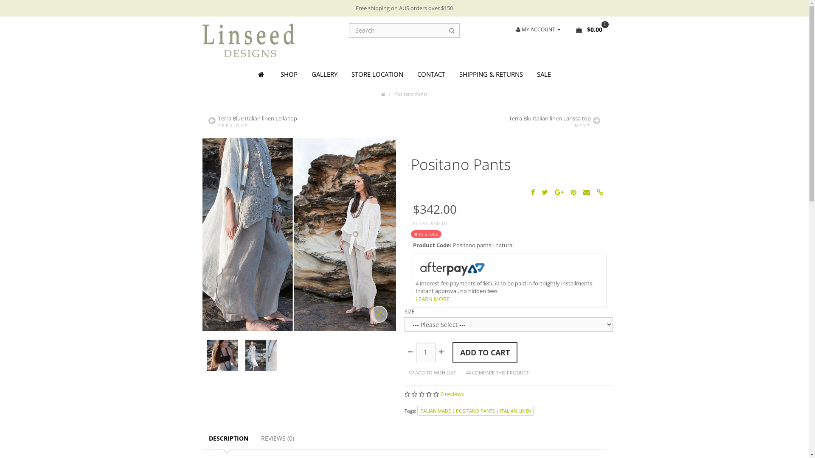  What do you see at coordinates (228, 438) in the screenshot?
I see `'DESCRIPTION'` at bounding box center [228, 438].